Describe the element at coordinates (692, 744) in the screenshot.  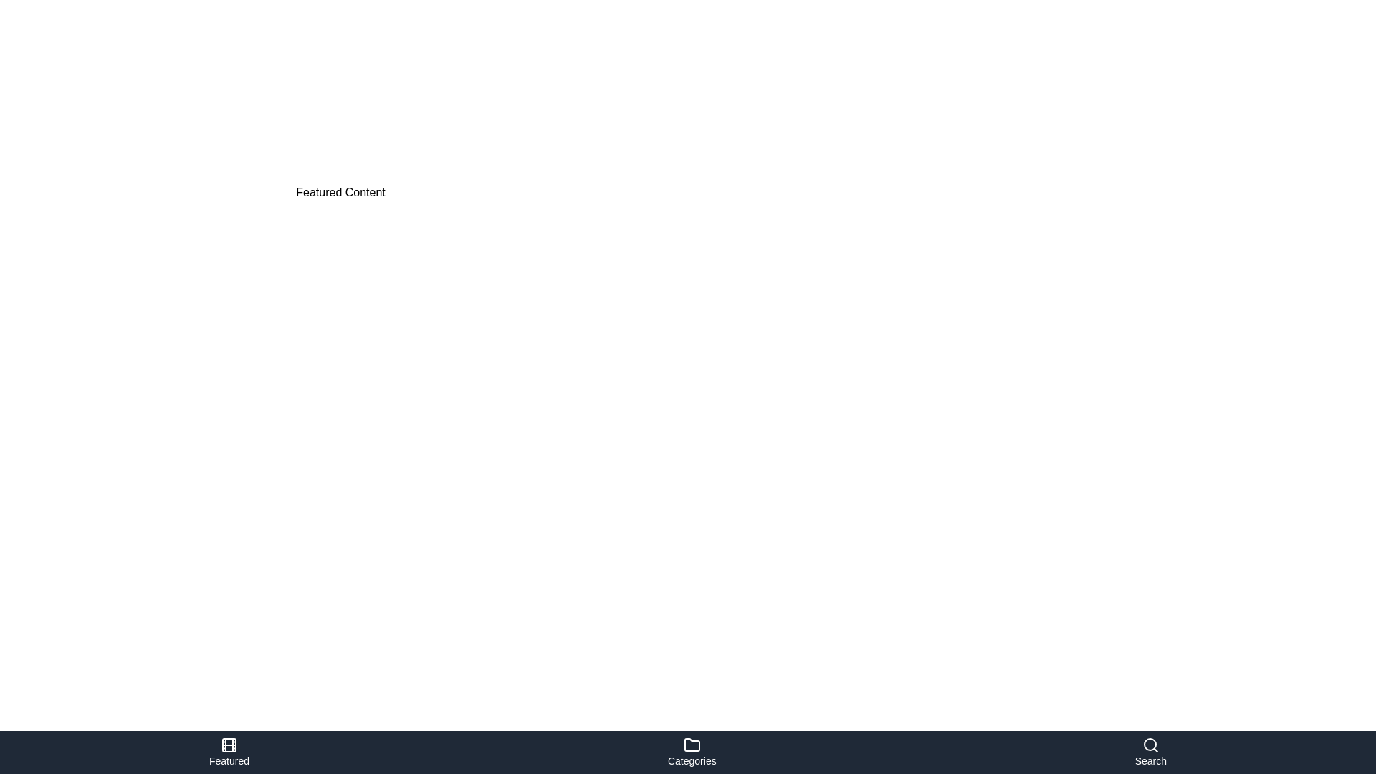
I see `the folder icon in the navigation bar` at that location.